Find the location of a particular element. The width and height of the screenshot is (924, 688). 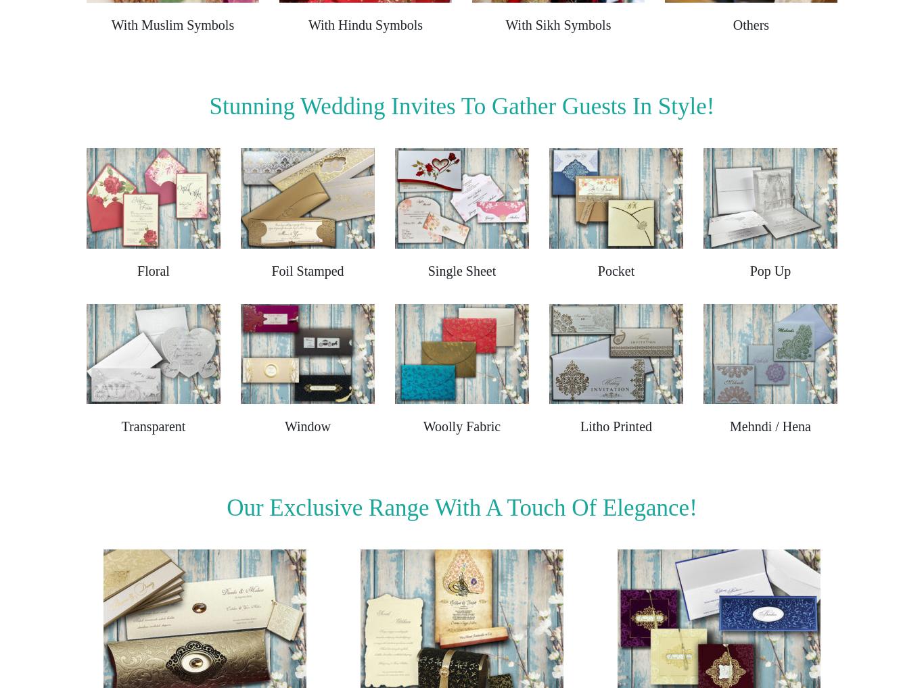

'Transparent' is located at coordinates (152, 425).